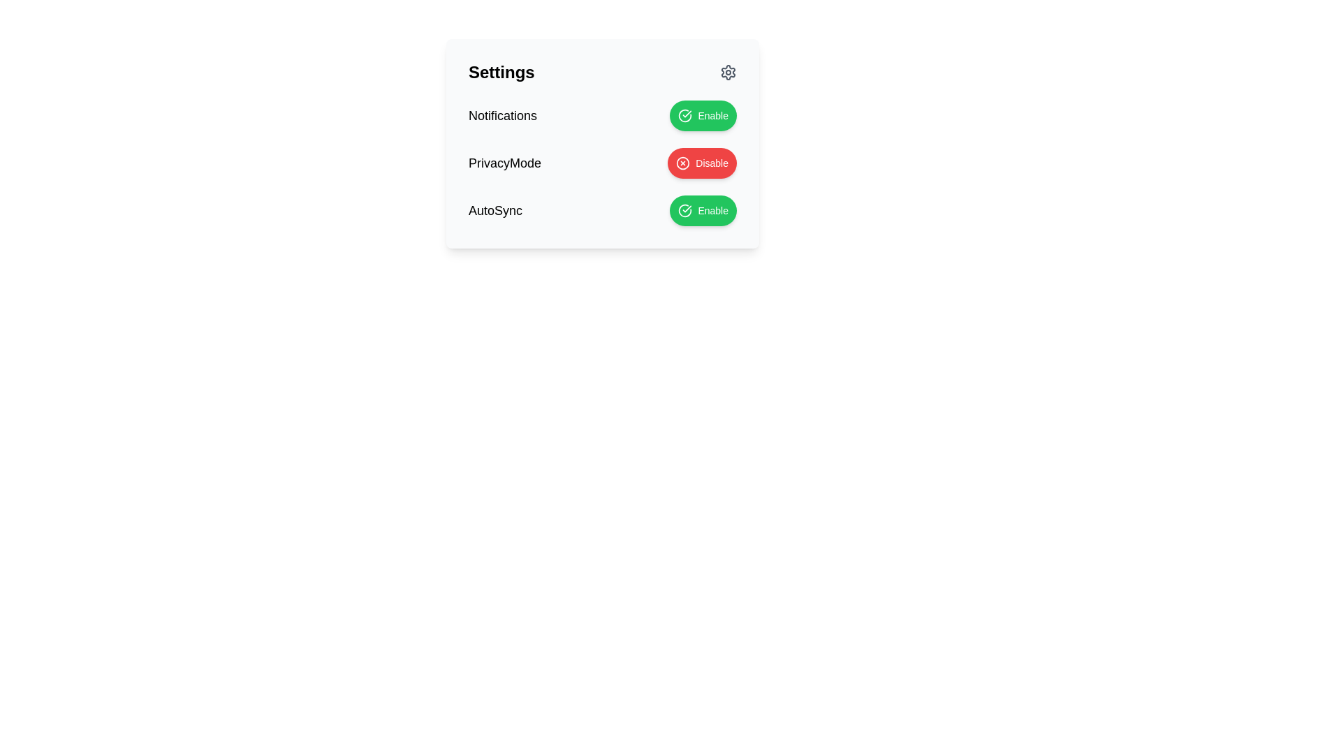 The width and height of the screenshot is (1341, 754). What do you see at coordinates (727, 73) in the screenshot?
I see `the gear SVG icon in the upper-right corner of the header bar labeled 'Settings'` at bounding box center [727, 73].